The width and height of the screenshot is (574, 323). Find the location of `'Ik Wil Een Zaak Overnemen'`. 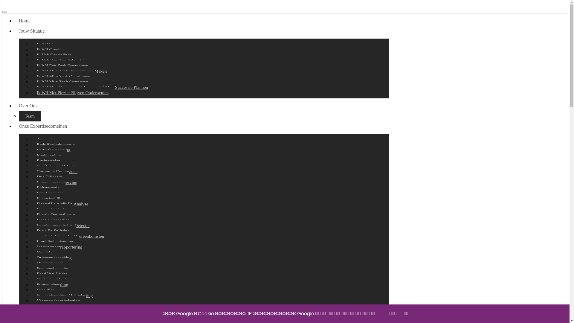

'Ik Wil Een Zaak Overnemen' is located at coordinates (62, 65).